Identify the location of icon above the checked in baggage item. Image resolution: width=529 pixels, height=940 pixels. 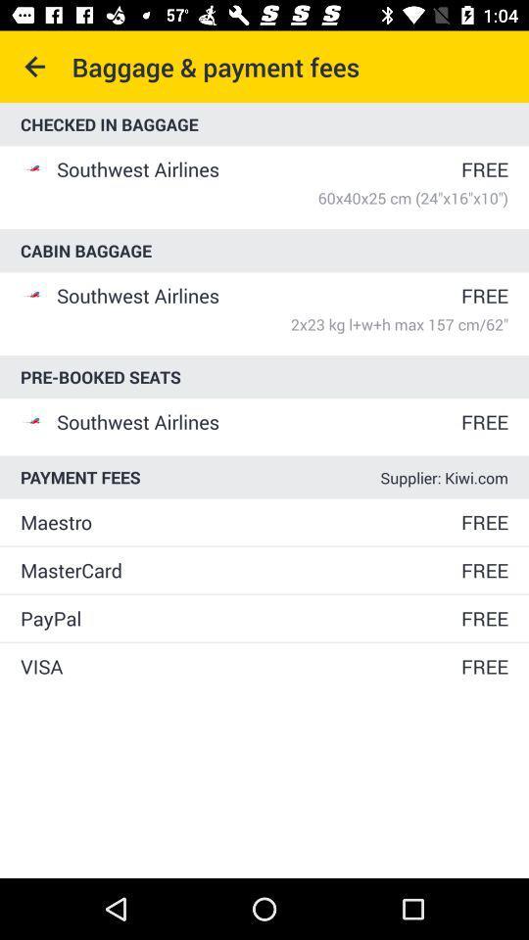
(35, 67).